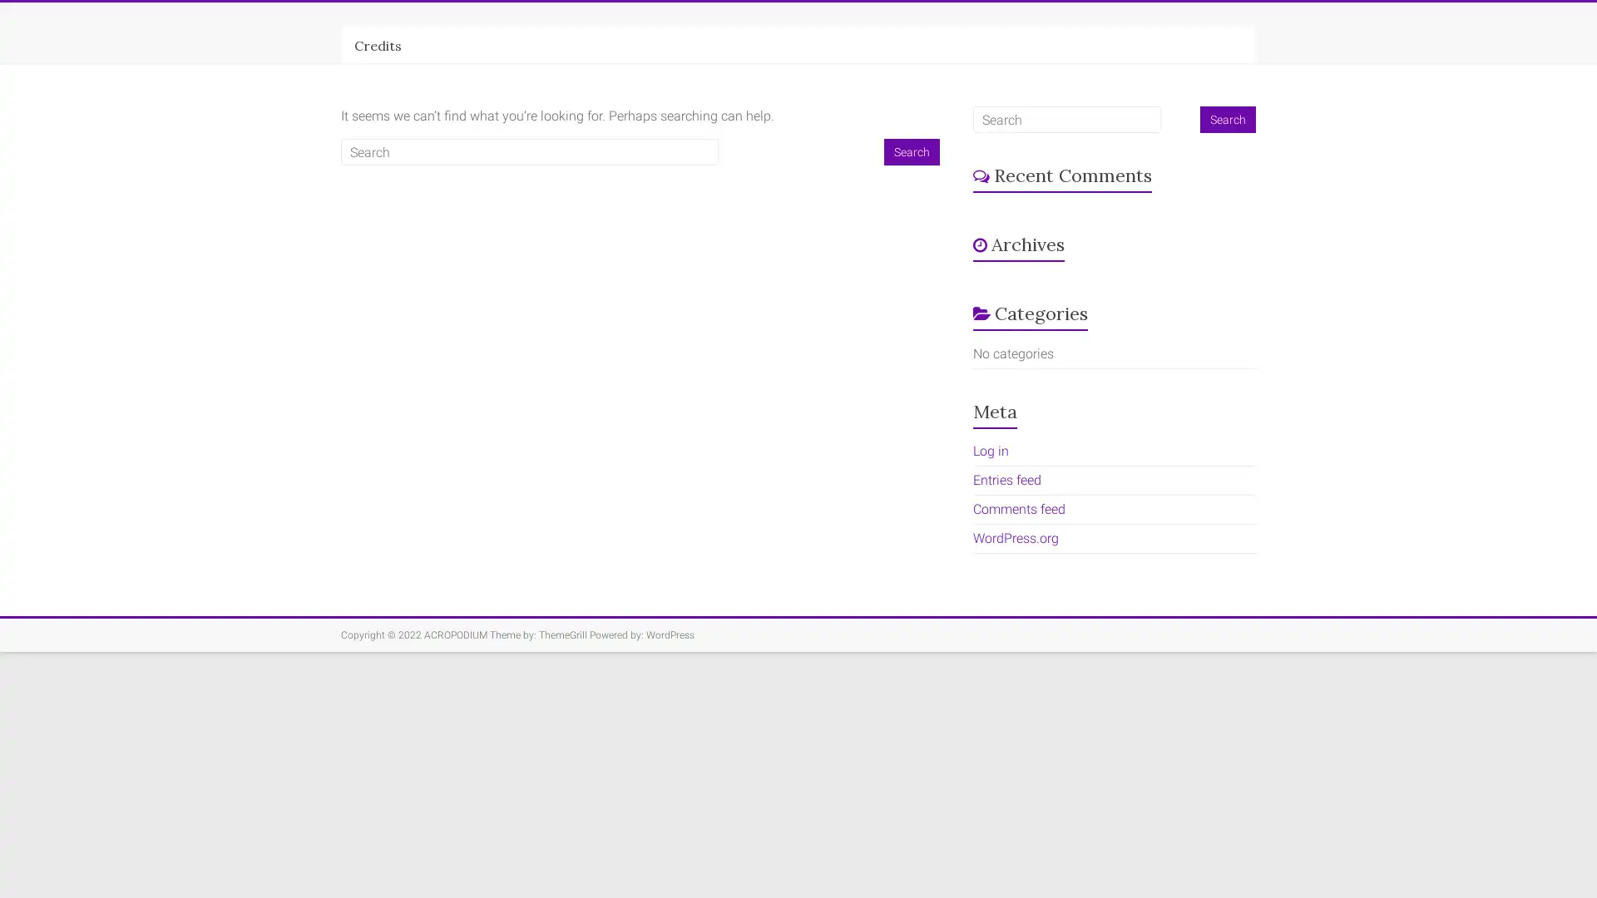 This screenshot has height=898, width=1597. Describe the element at coordinates (1228, 118) in the screenshot. I see `Search` at that location.